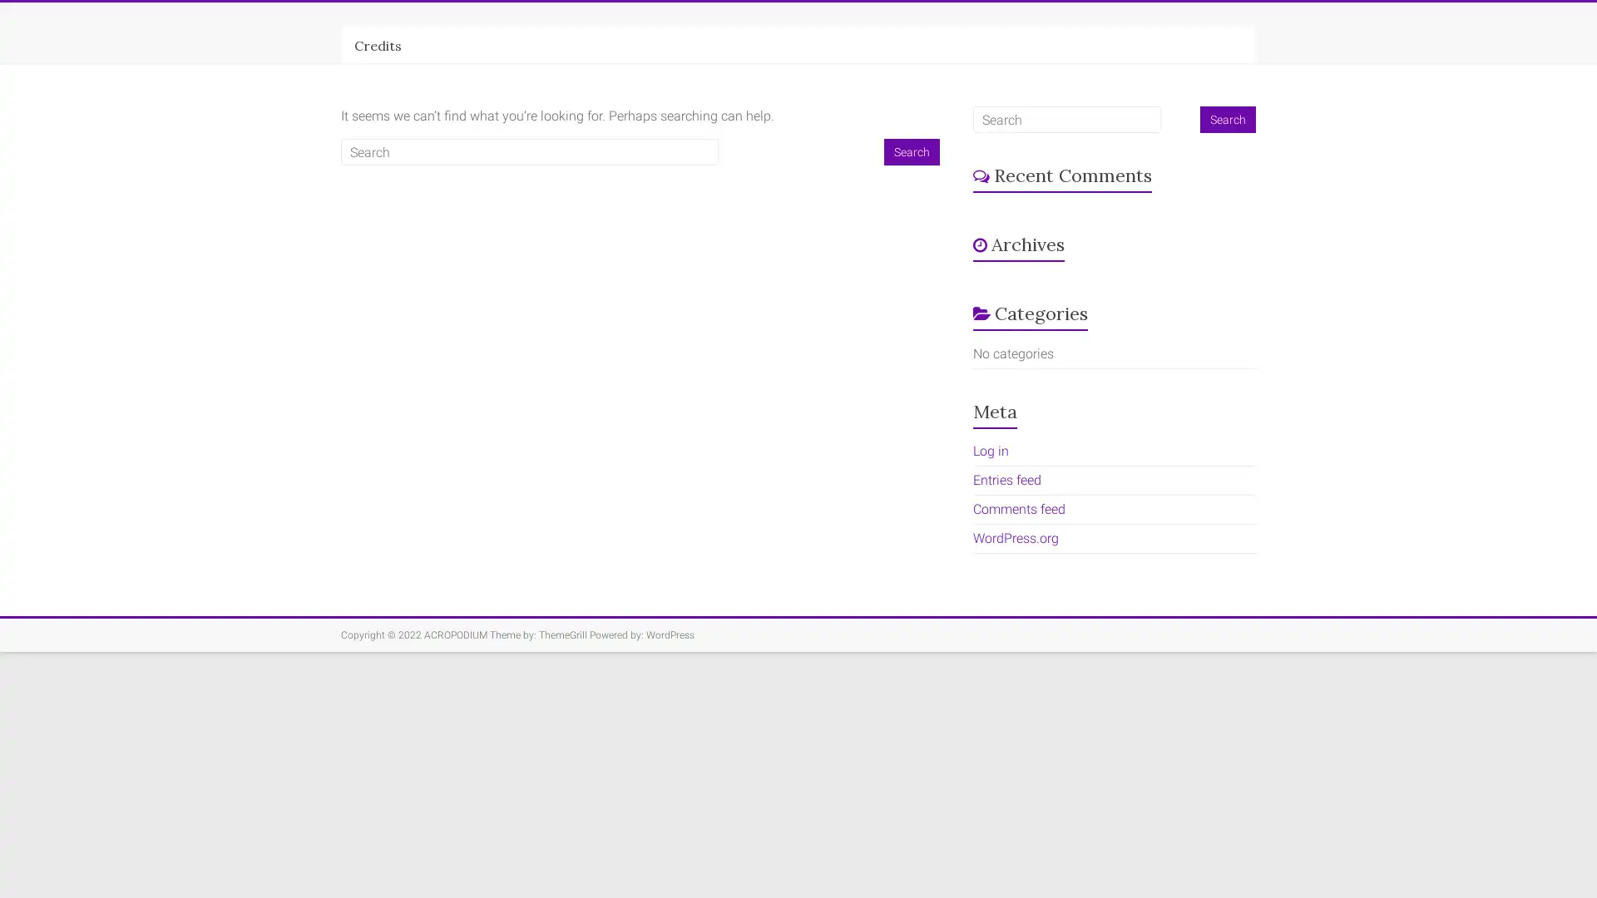 This screenshot has height=898, width=1597. Describe the element at coordinates (1228, 118) in the screenshot. I see `Search` at that location.